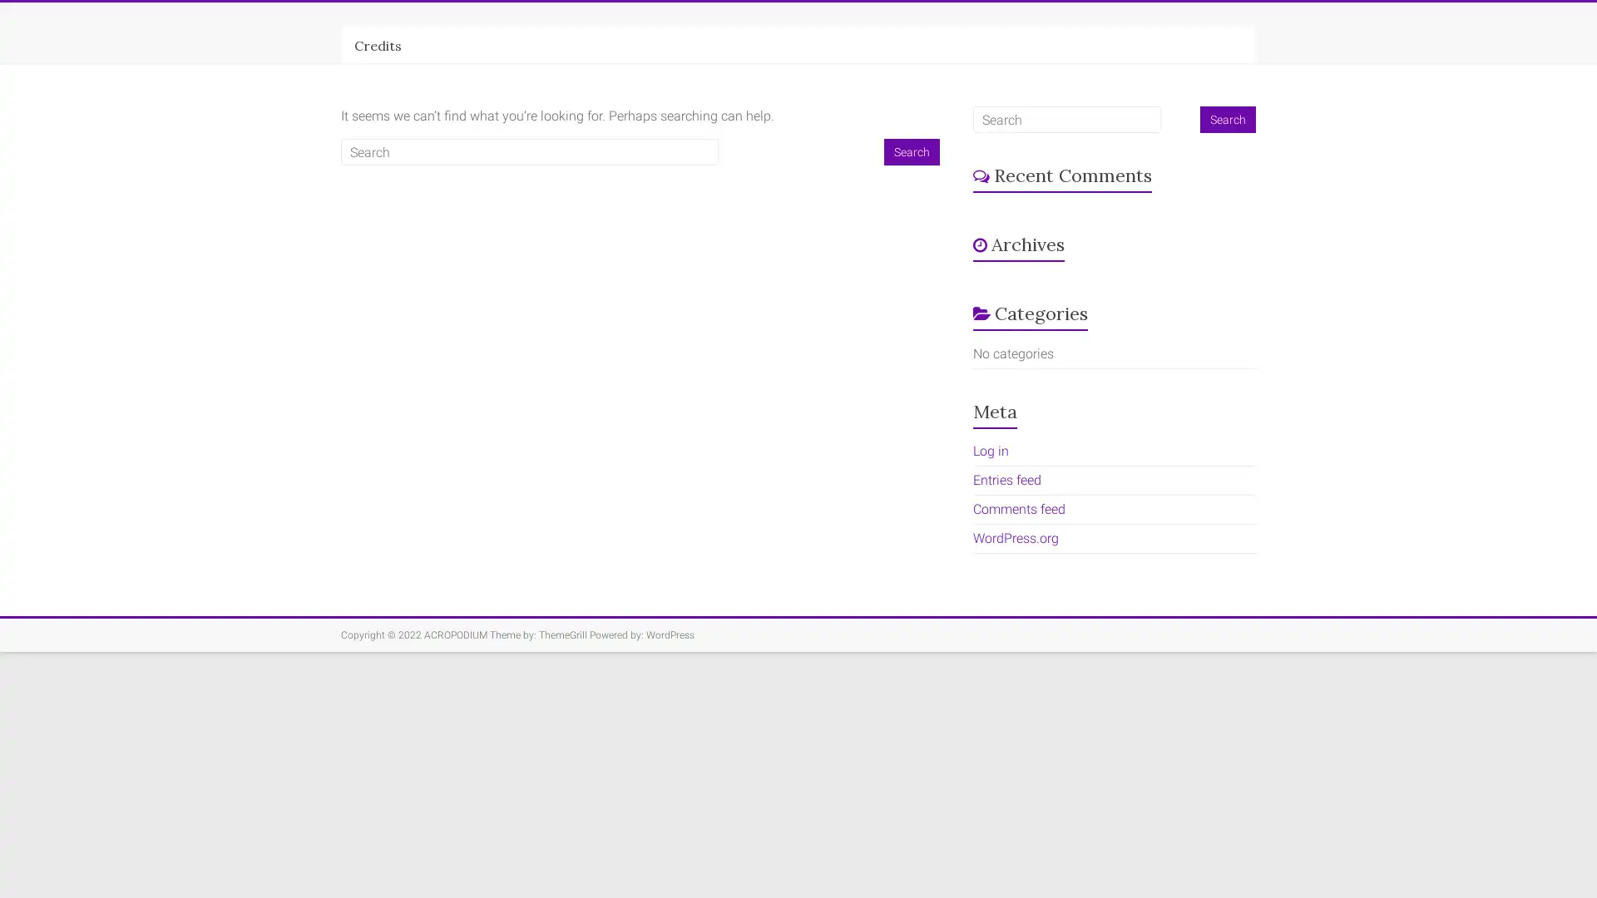 This screenshot has height=898, width=1597. Describe the element at coordinates (1228, 118) in the screenshot. I see `Search` at that location.